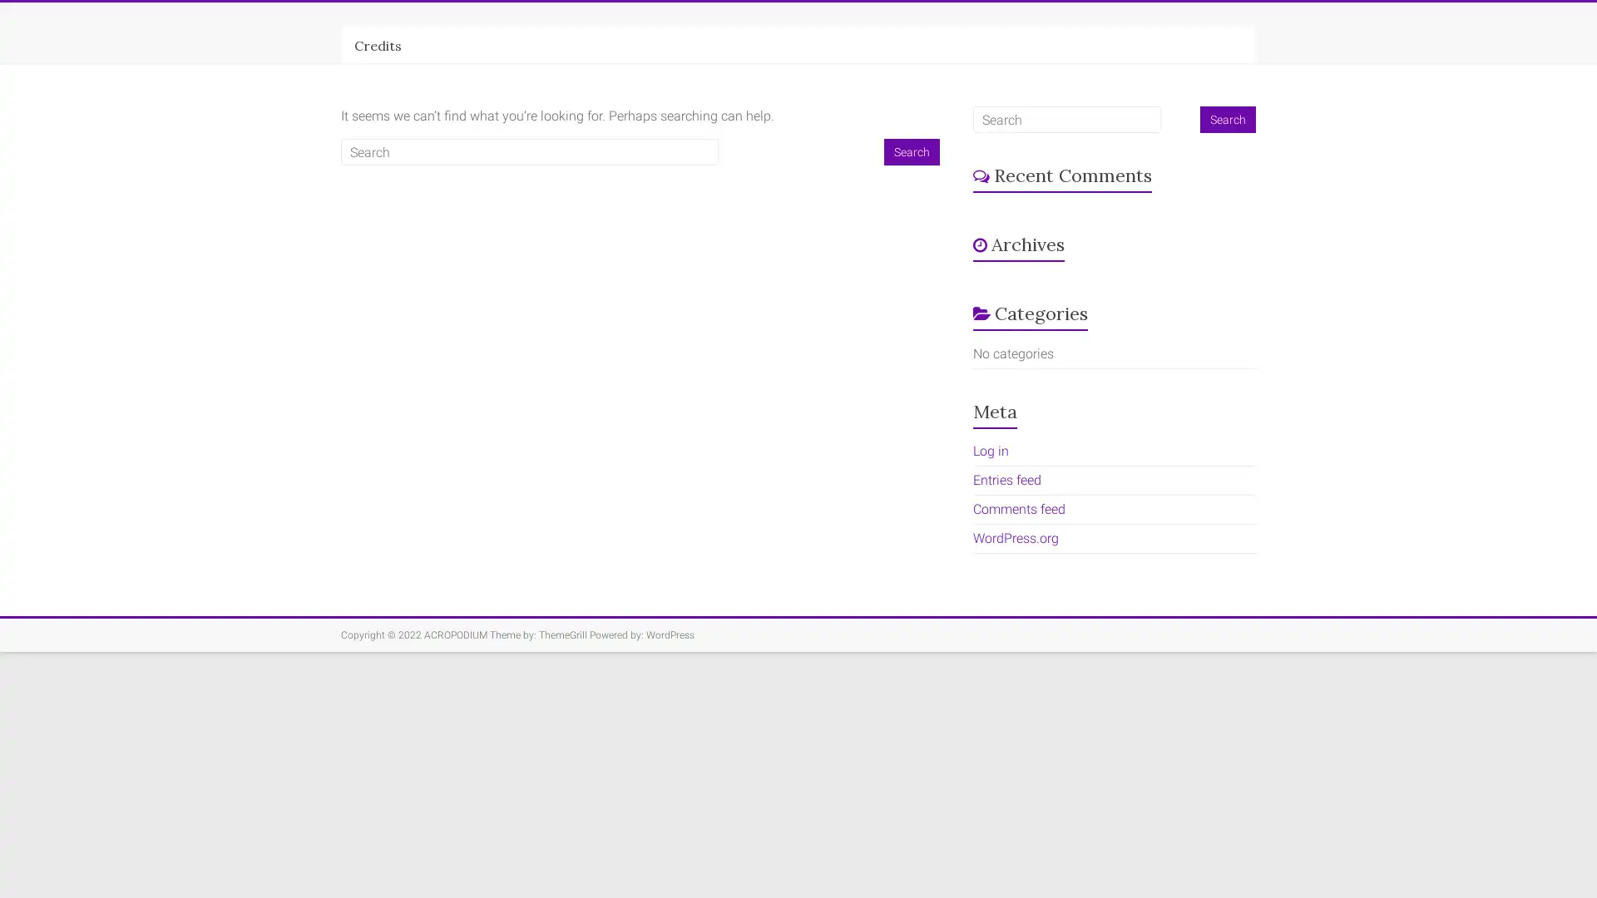 This screenshot has height=898, width=1597. Describe the element at coordinates (1228, 118) in the screenshot. I see `Search` at that location.